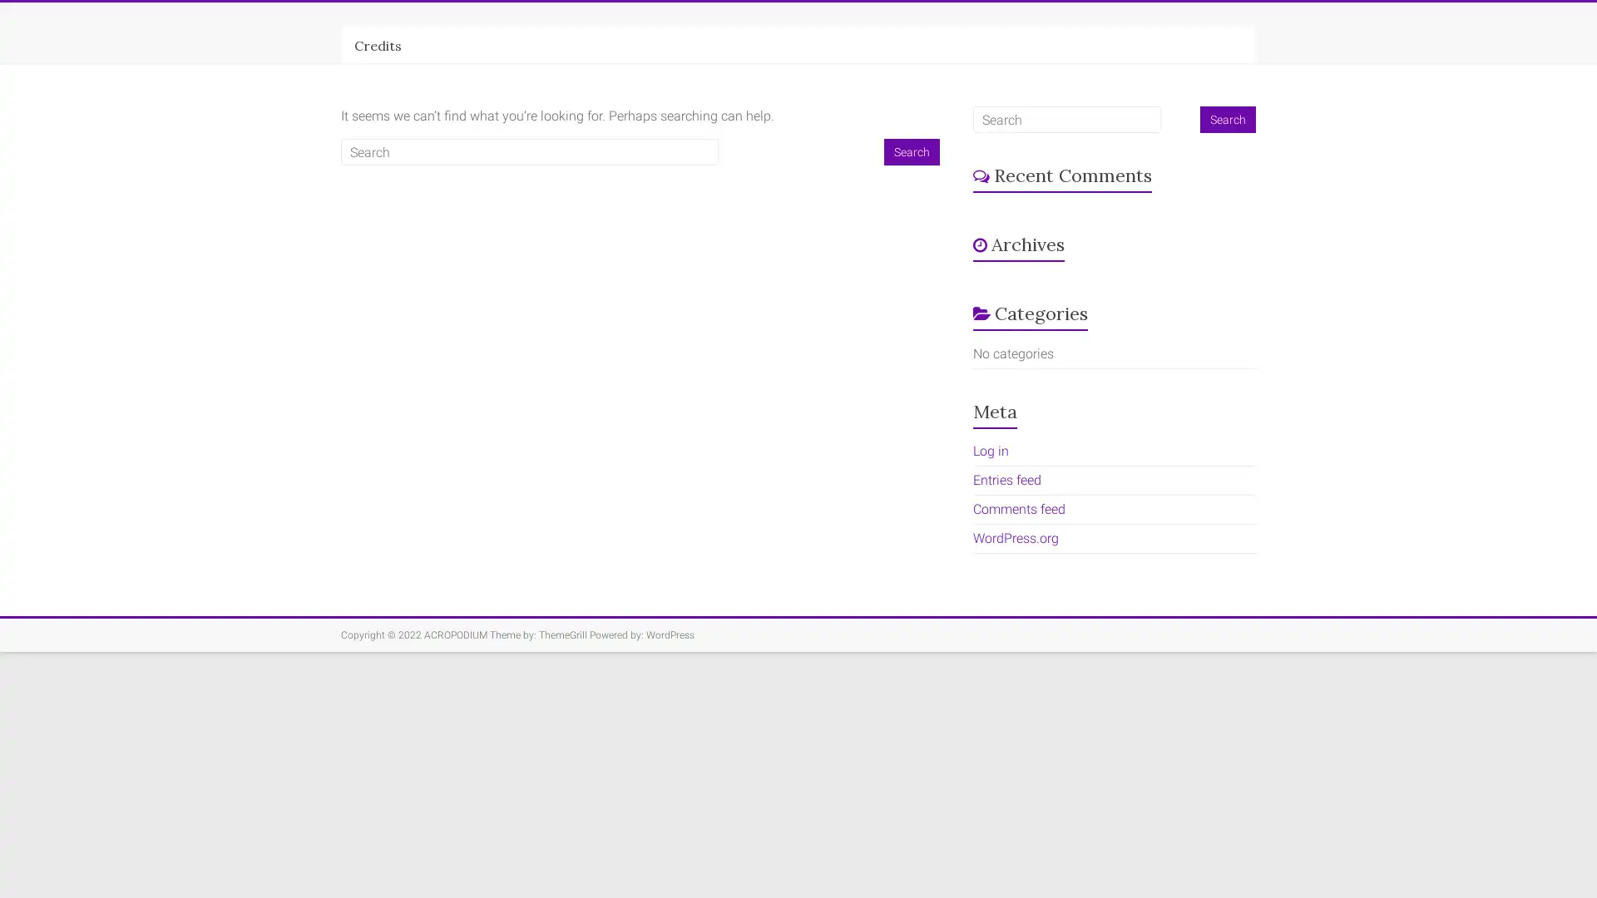 This screenshot has height=898, width=1597. Describe the element at coordinates (1228, 118) in the screenshot. I see `Search` at that location.